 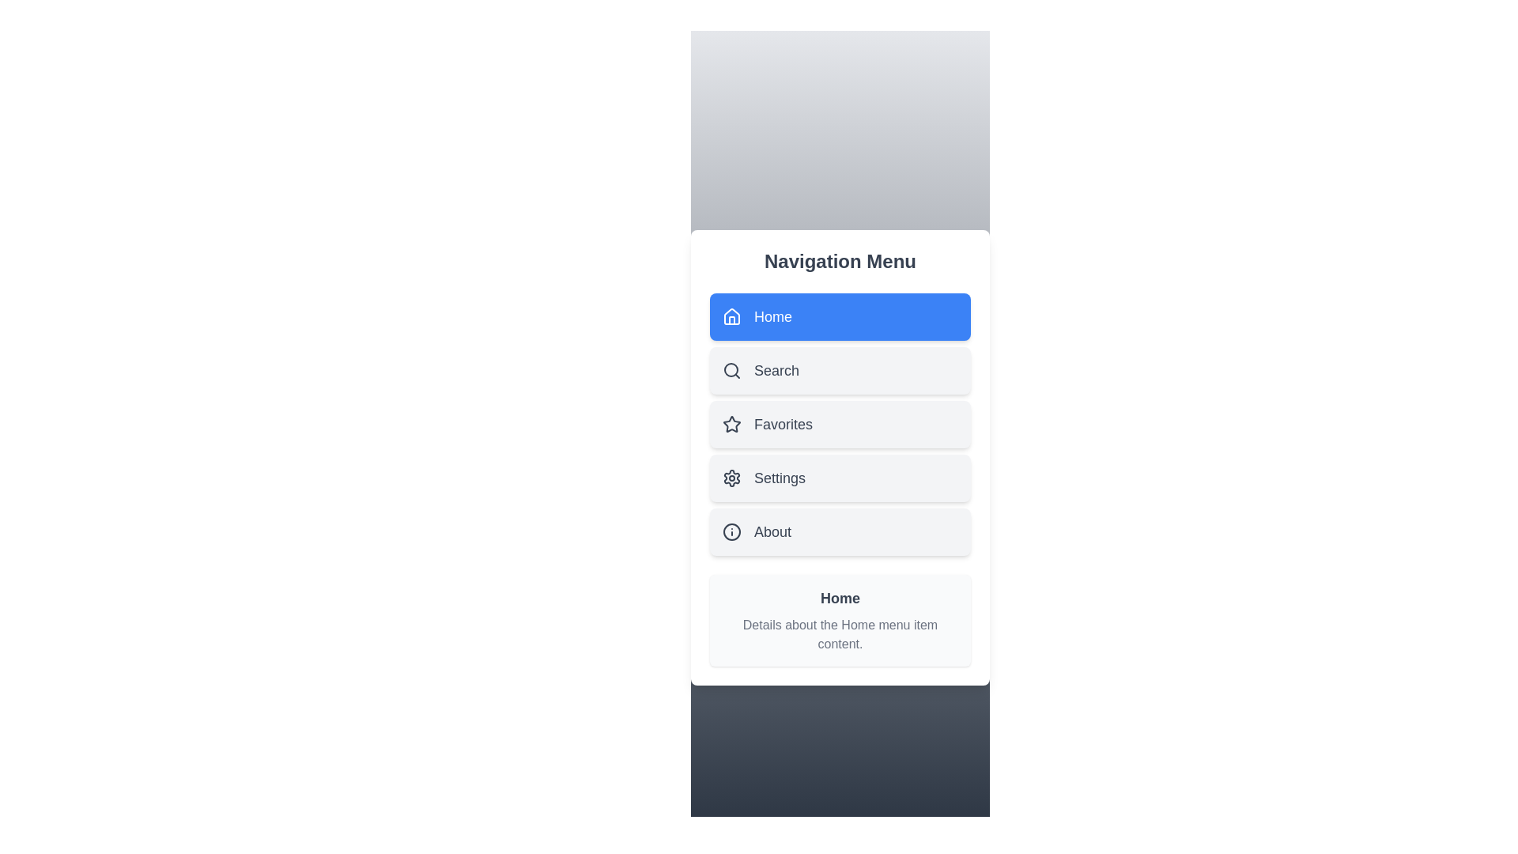 I want to click on the menu item icon corresponding to Home, so click(x=731, y=317).